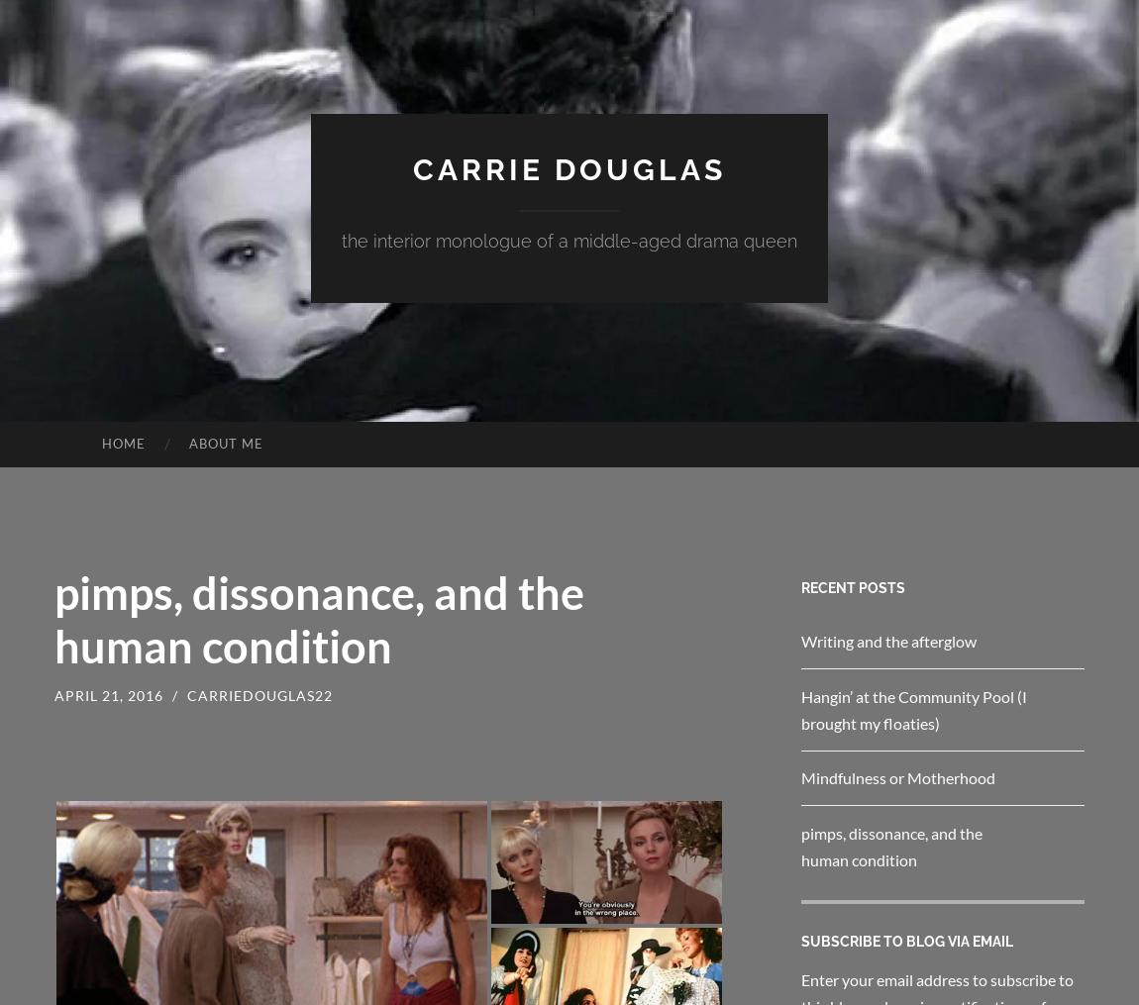 Image resolution: width=1139 pixels, height=1005 pixels. Describe the element at coordinates (800, 640) in the screenshot. I see `'Writing and the afterglow'` at that location.